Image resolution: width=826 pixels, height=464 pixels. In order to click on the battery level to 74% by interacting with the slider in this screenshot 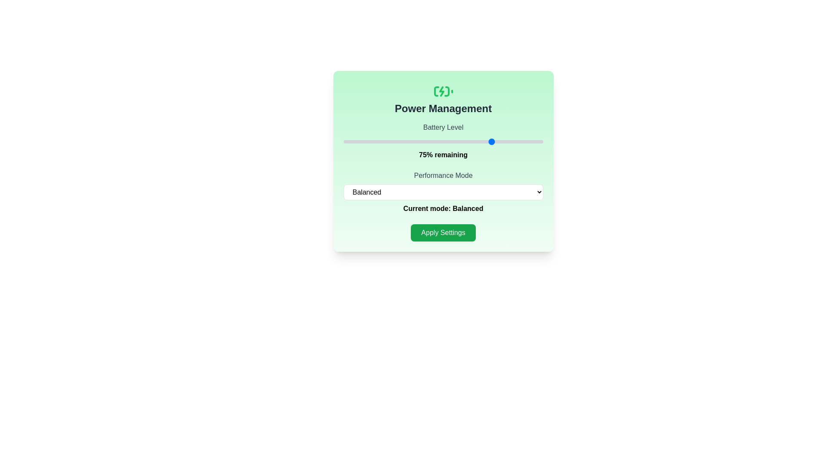, I will do `click(491, 141)`.